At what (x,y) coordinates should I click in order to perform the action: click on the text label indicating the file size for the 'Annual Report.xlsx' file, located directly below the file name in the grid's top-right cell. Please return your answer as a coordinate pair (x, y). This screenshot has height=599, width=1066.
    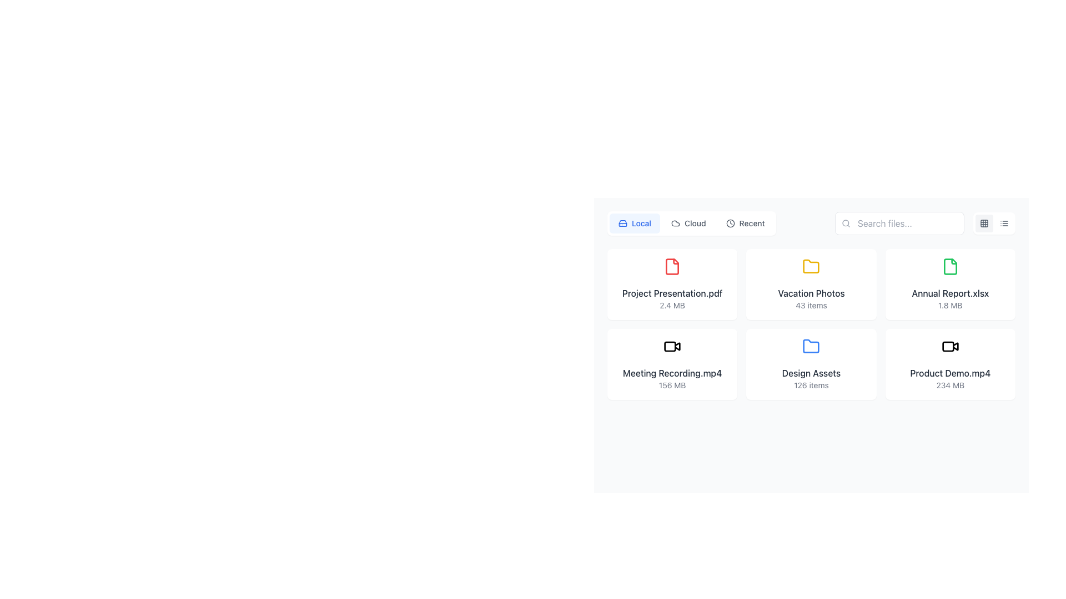
    Looking at the image, I should click on (949, 306).